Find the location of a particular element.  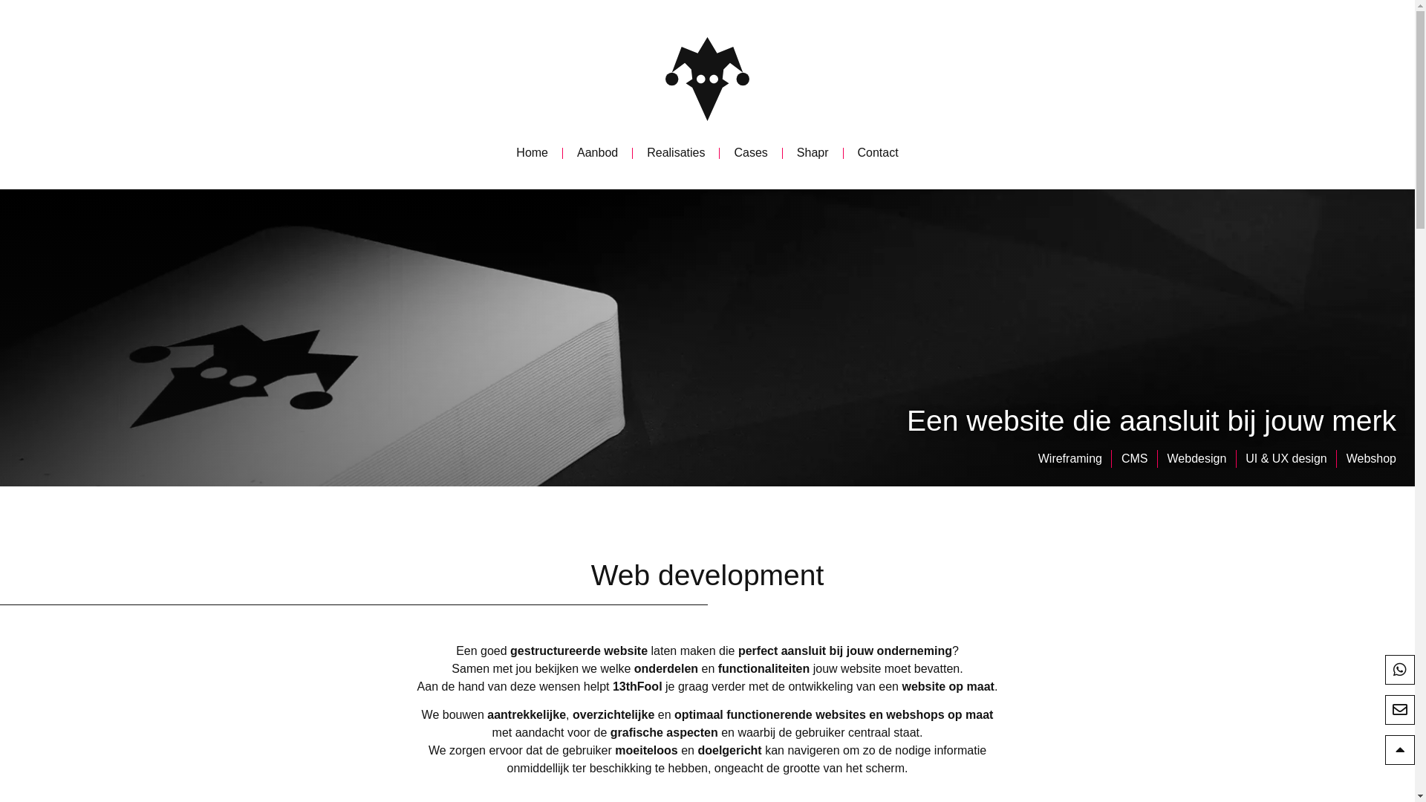

'Shapr' is located at coordinates (812, 152).